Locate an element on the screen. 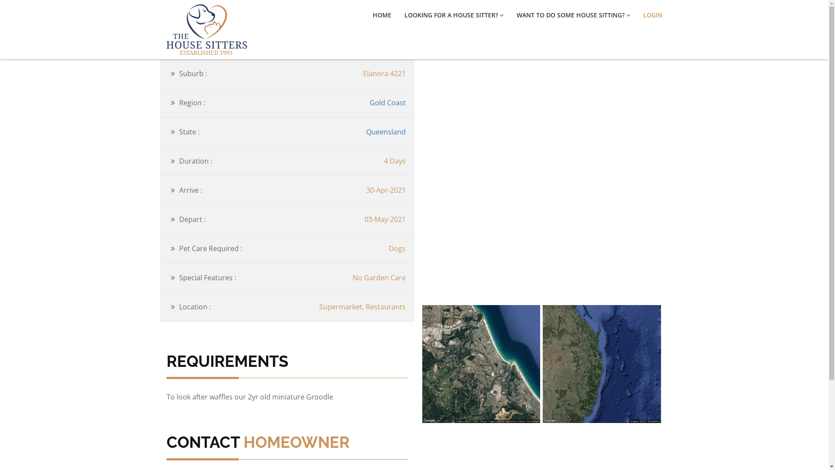  'Gold Coast' is located at coordinates (387, 102).